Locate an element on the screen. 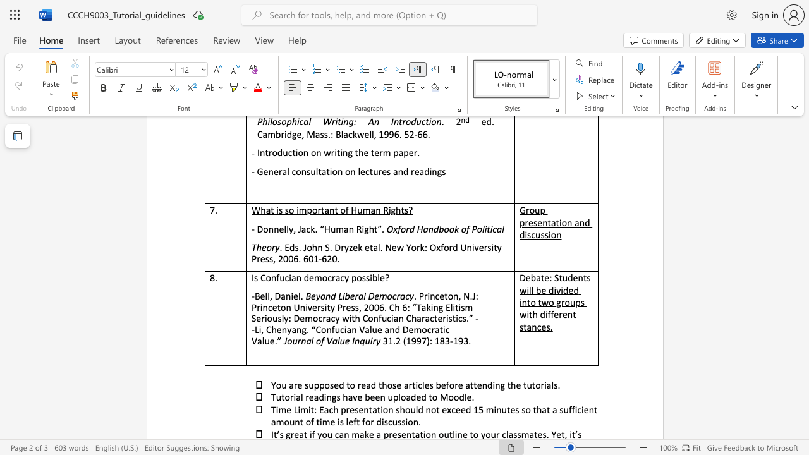 This screenshot has width=809, height=455. the subset text "ucian dem" within the text "Is Confucian democracy possible?" is located at coordinates (279, 277).